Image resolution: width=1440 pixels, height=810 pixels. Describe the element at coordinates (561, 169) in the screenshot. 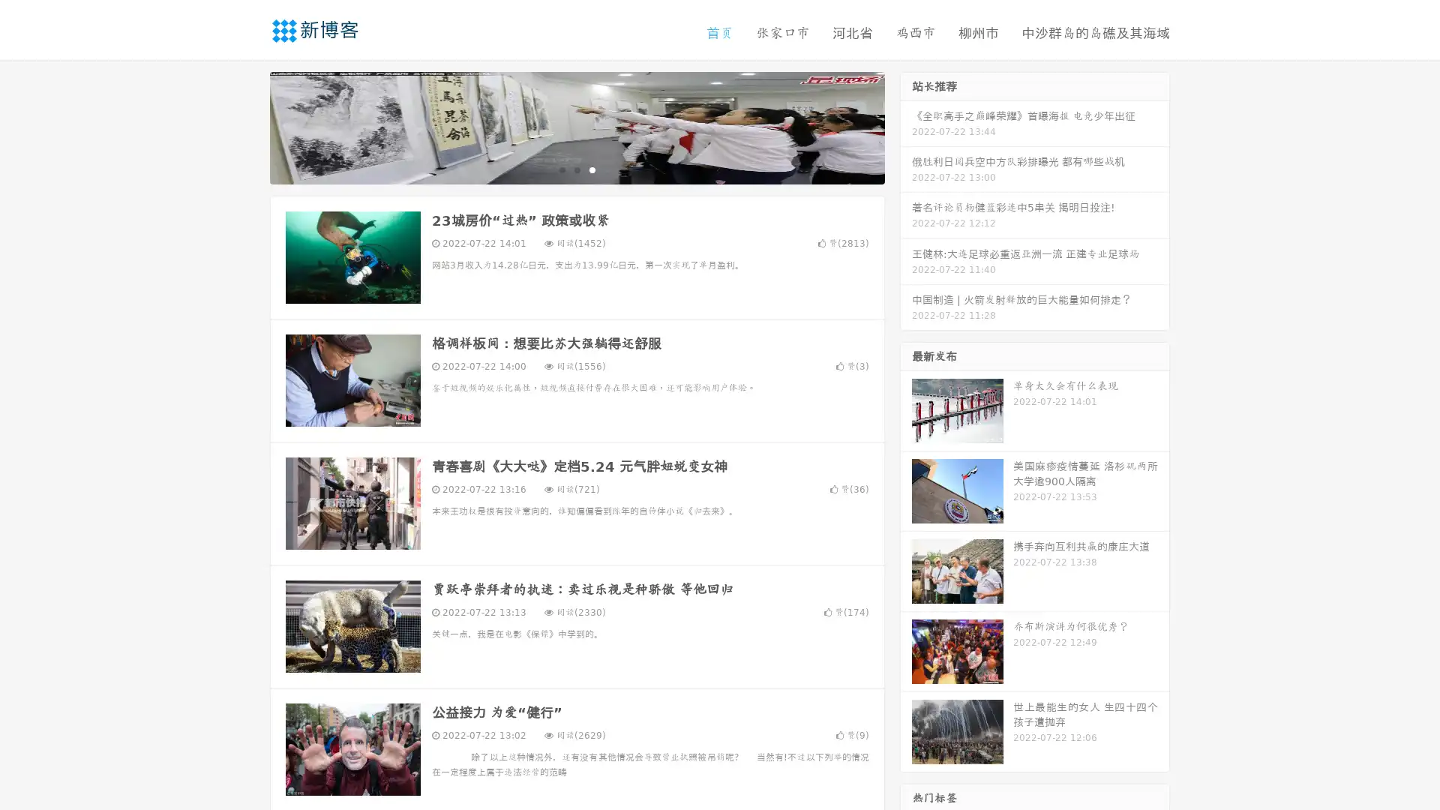

I see `Go to slide 1` at that location.